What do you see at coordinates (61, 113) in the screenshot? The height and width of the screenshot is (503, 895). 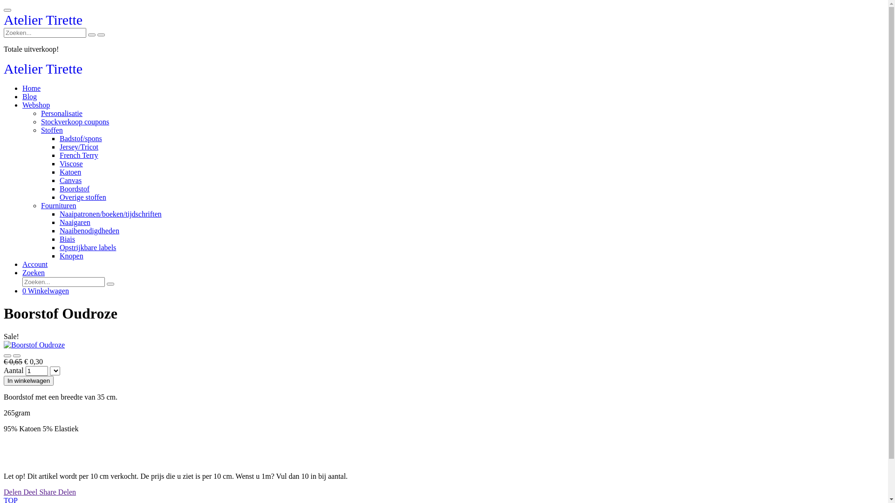 I see `'Personalisatie'` at bounding box center [61, 113].